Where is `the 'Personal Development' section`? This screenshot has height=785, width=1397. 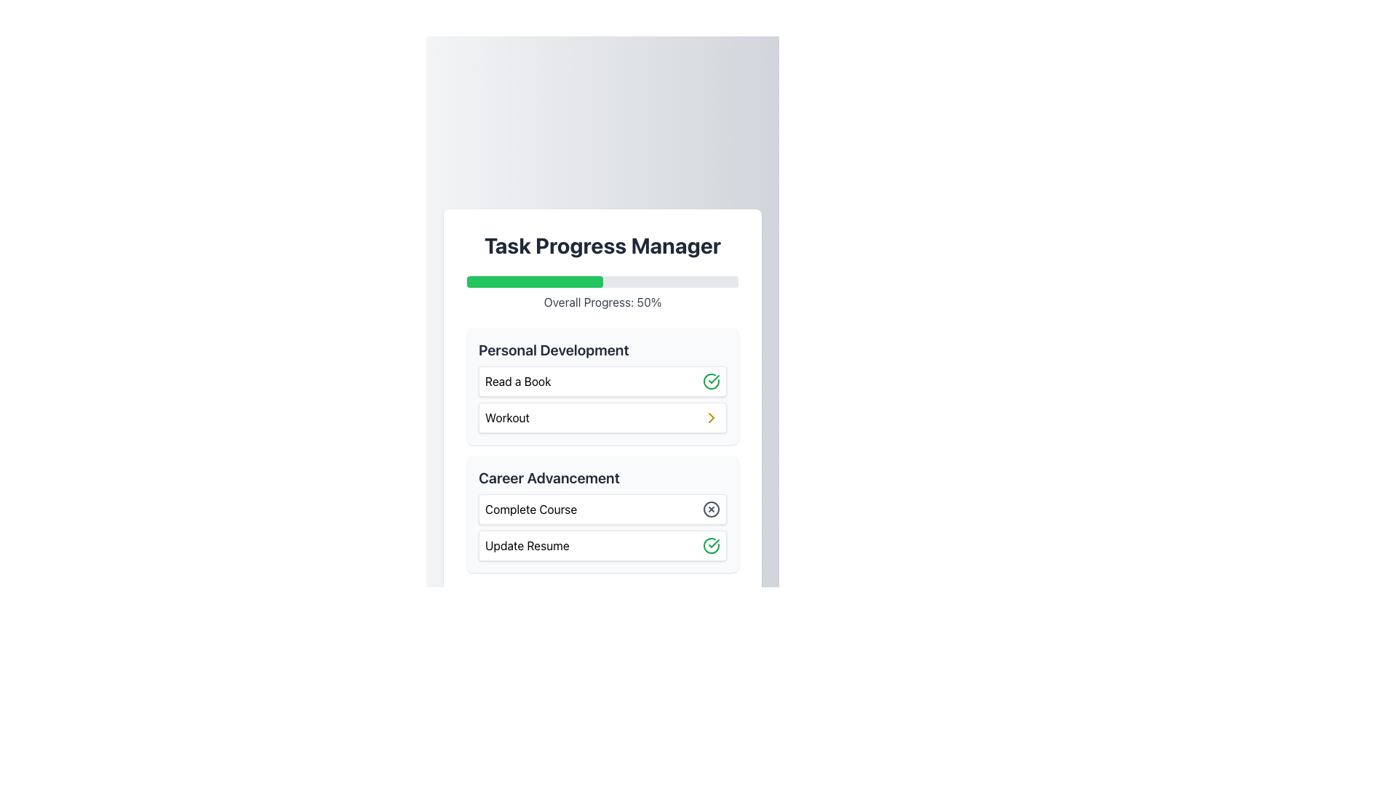
the 'Personal Development' section is located at coordinates (602, 386).